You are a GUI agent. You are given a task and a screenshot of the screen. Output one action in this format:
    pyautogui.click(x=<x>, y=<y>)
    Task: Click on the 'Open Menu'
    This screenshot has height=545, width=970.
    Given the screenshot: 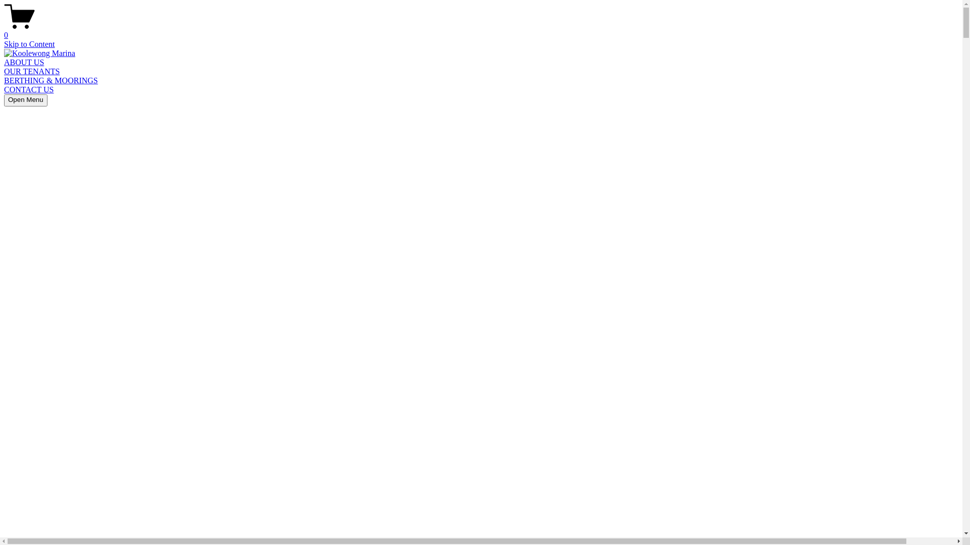 What is the action you would take?
    pyautogui.click(x=4, y=100)
    